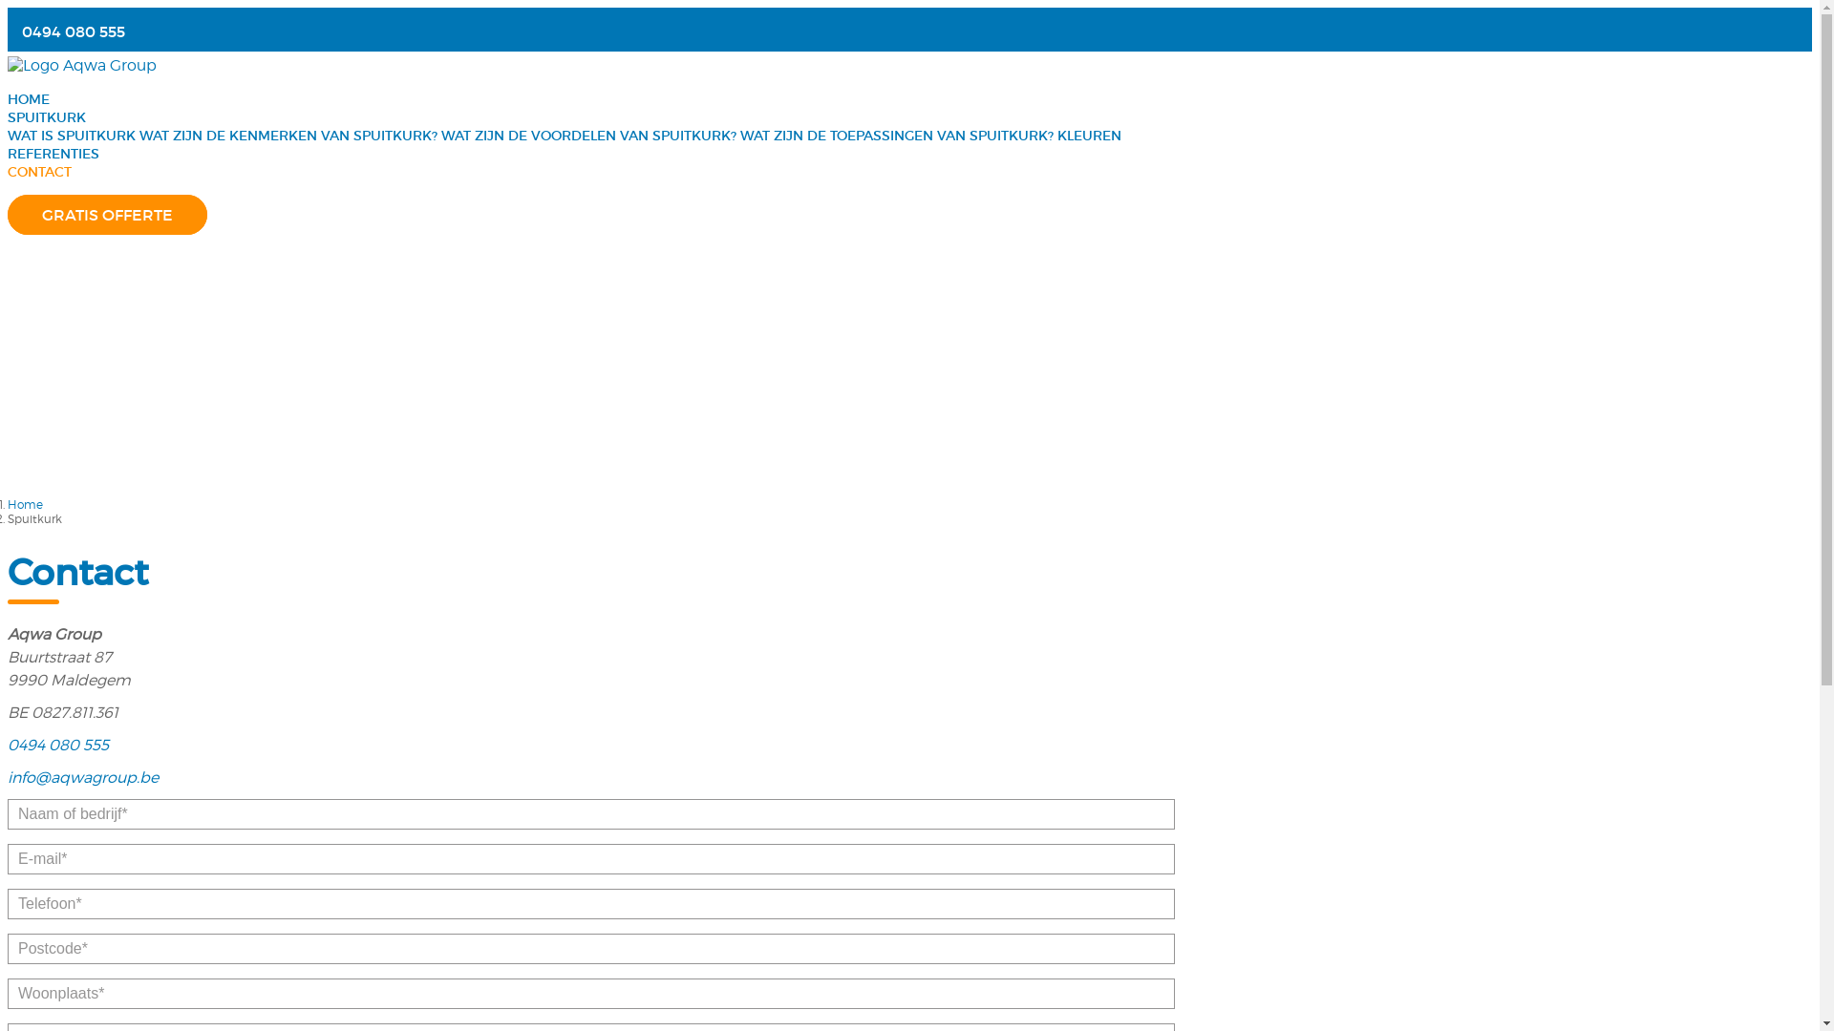  Describe the element at coordinates (58, 744) in the screenshot. I see `'0494 080 555'` at that location.